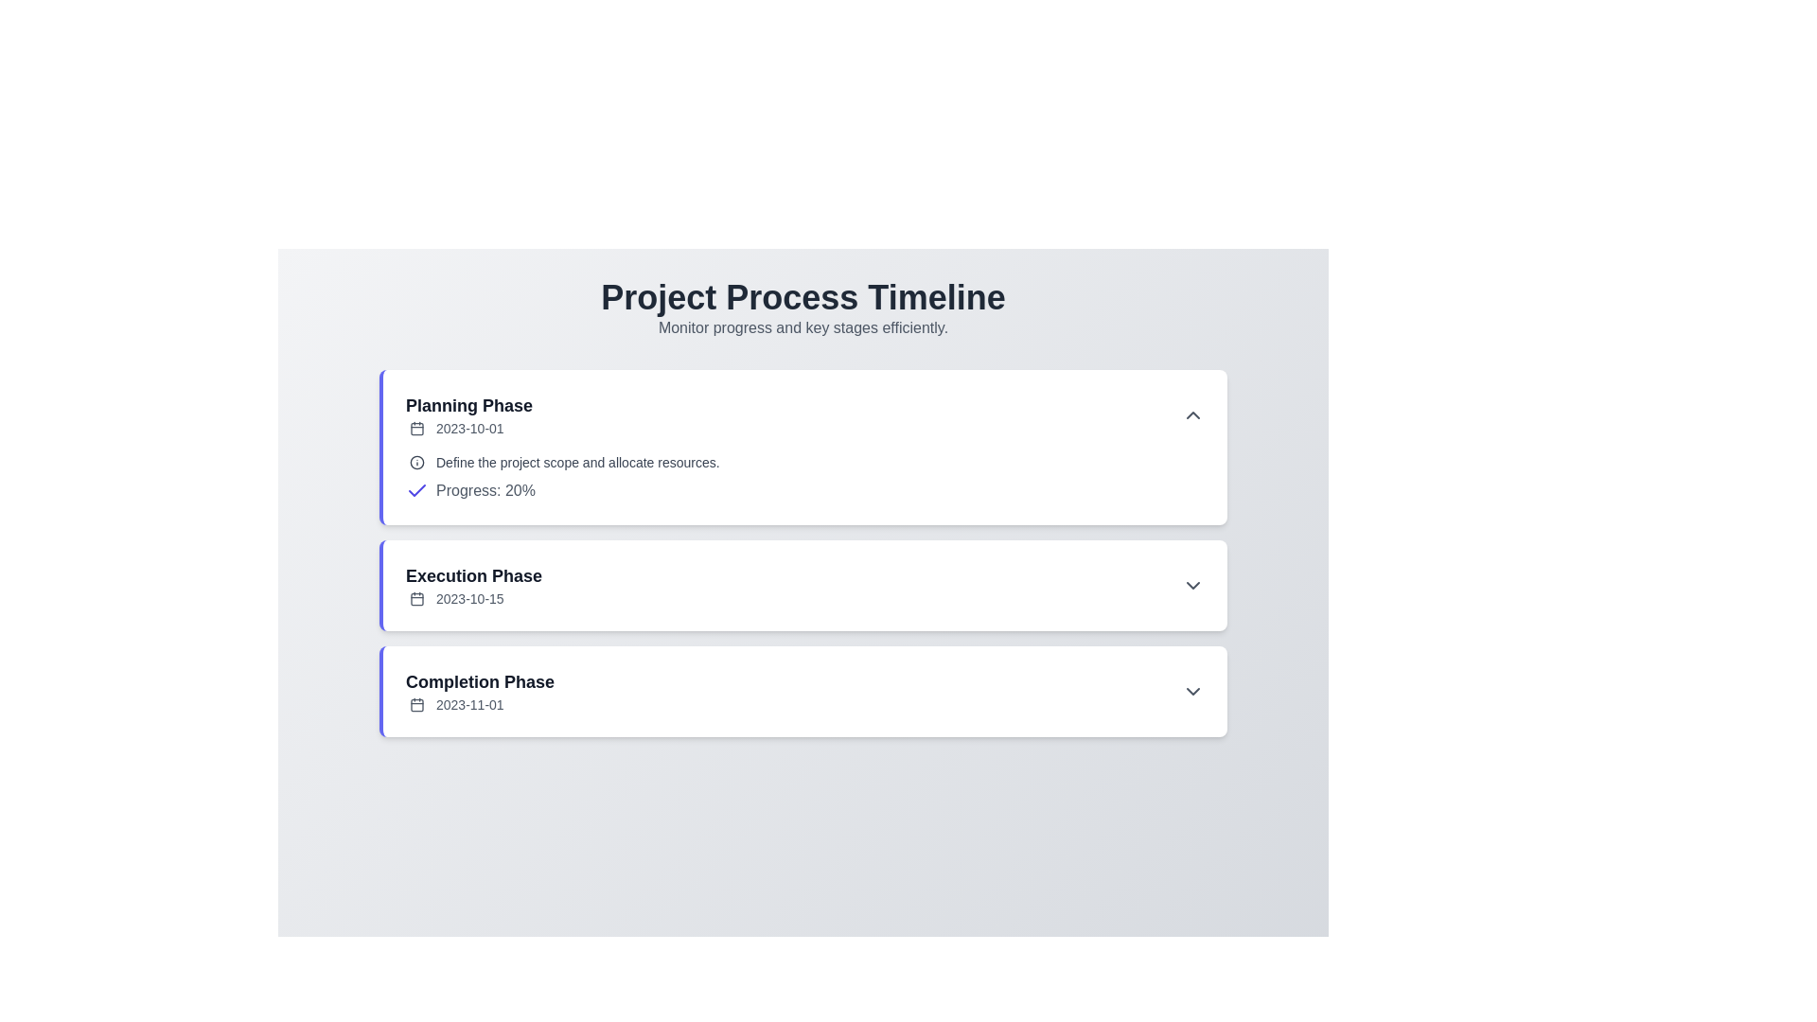 Image resolution: width=1817 pixels, height=1022 pixels. What do you see at coordinates (416, 463) in the screenshot?
I see `the circular shape that is part of an information icon in the SVG graphic, which is the largest circle and positioned to the left of individual timeline items' descriptions` at bounding box center [416, 463].